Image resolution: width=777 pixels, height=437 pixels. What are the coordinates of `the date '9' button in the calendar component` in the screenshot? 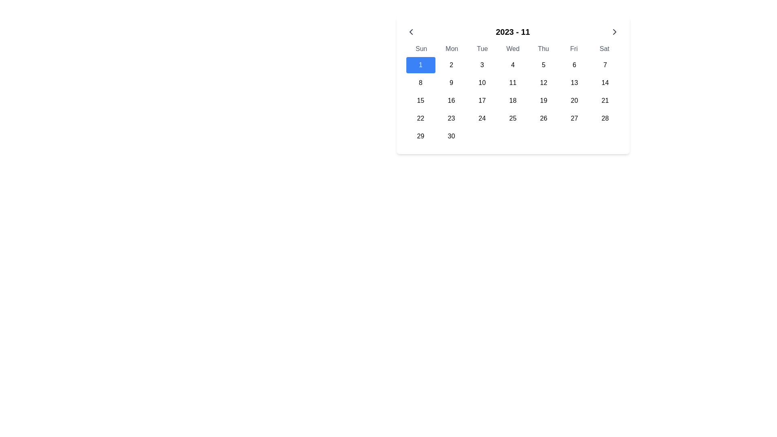 It's located at (451, 83).